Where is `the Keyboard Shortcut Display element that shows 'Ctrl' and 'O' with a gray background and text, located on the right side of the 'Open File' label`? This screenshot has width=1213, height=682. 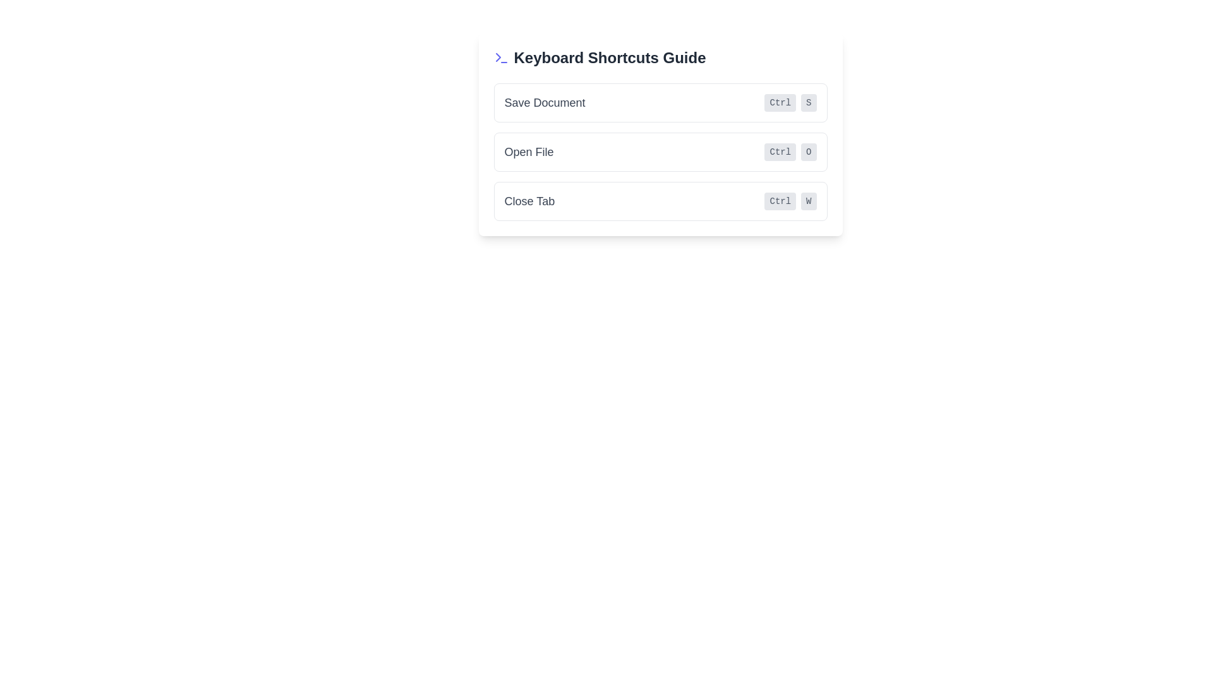
the Keyboard Shortcut Display element that shows 'Ctrl' and 'O' with a gray background and text, located on the right side of the 'Open File' label is located at coordinates (790, 151).